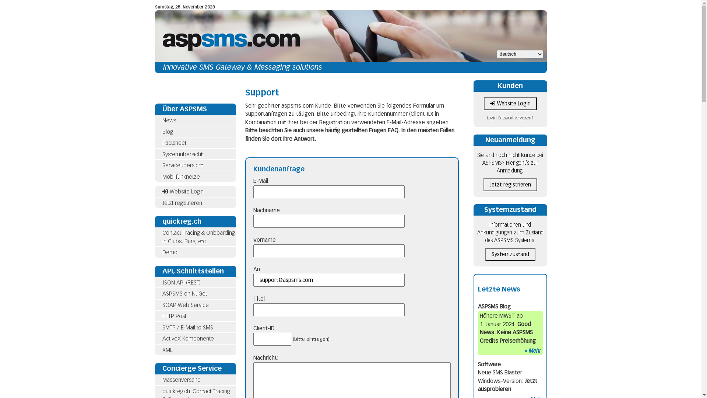  I want to click on 'ActiveX Komponente', so click(195, 339).